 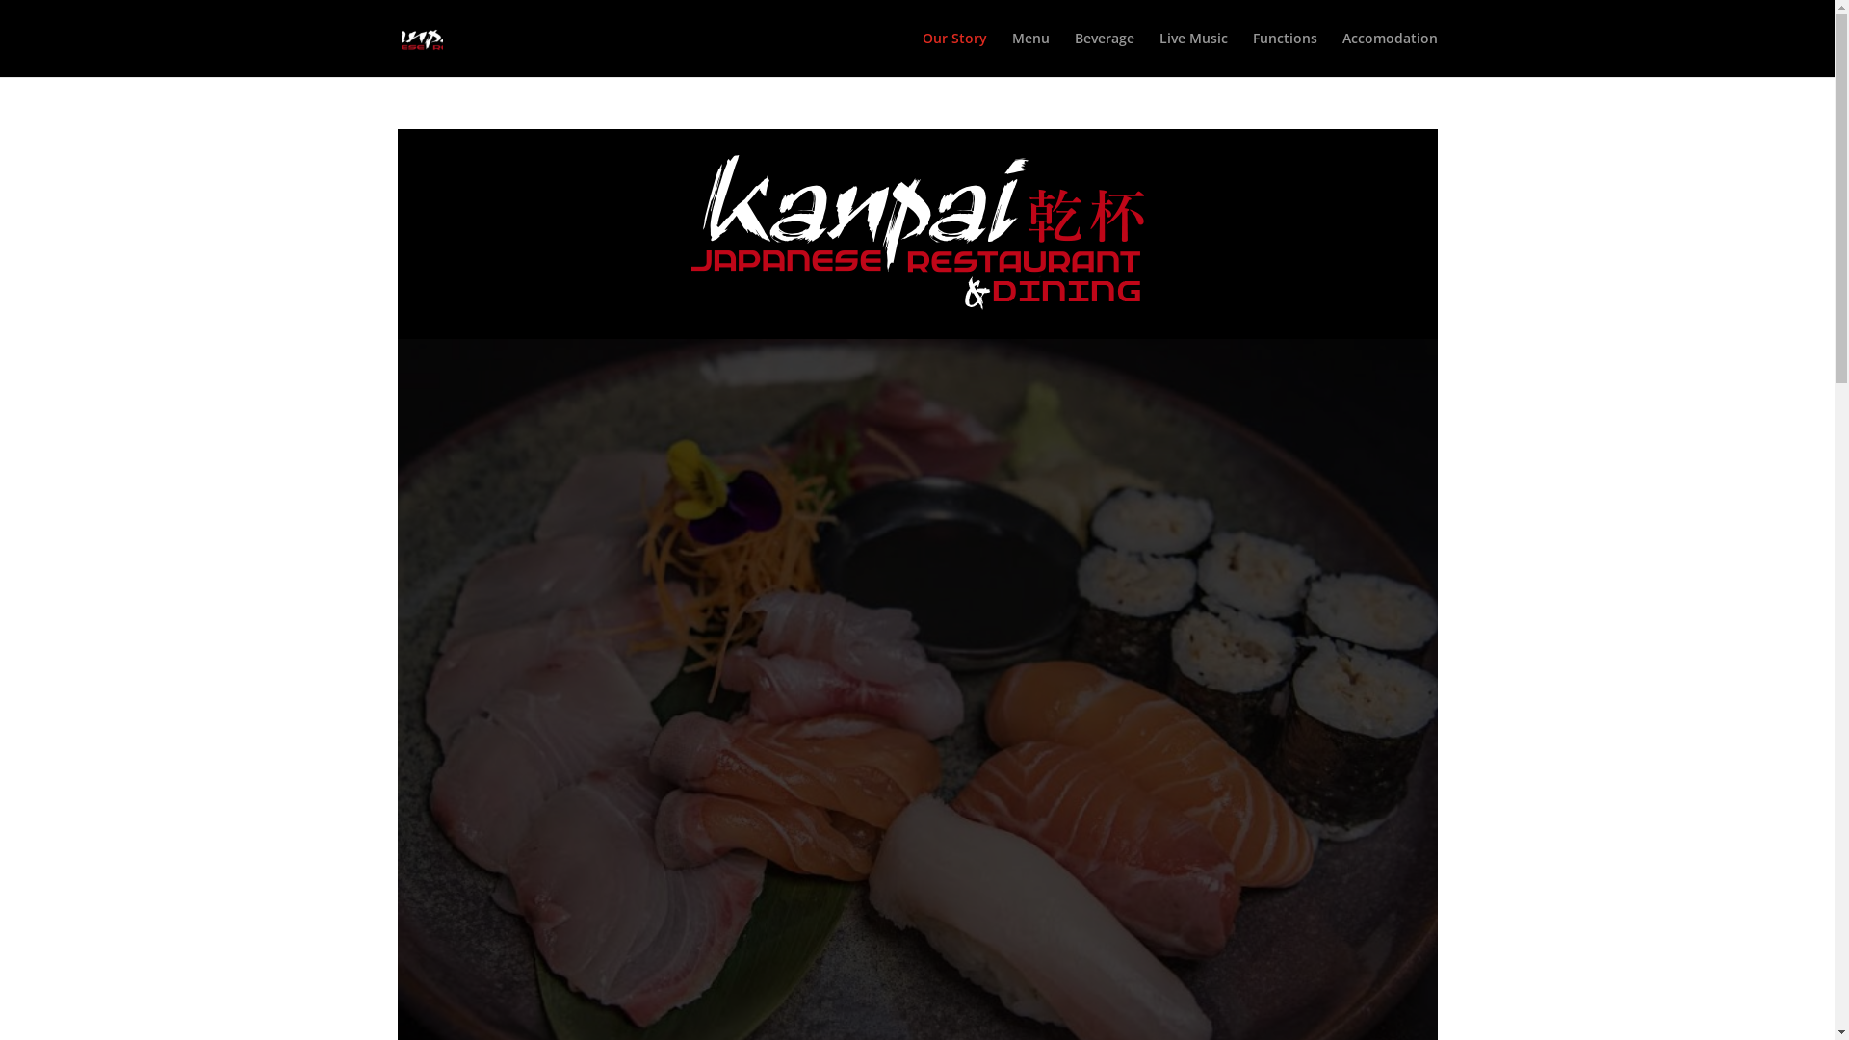 I want to click on 'Beverage', so click(x=1074, y=53).